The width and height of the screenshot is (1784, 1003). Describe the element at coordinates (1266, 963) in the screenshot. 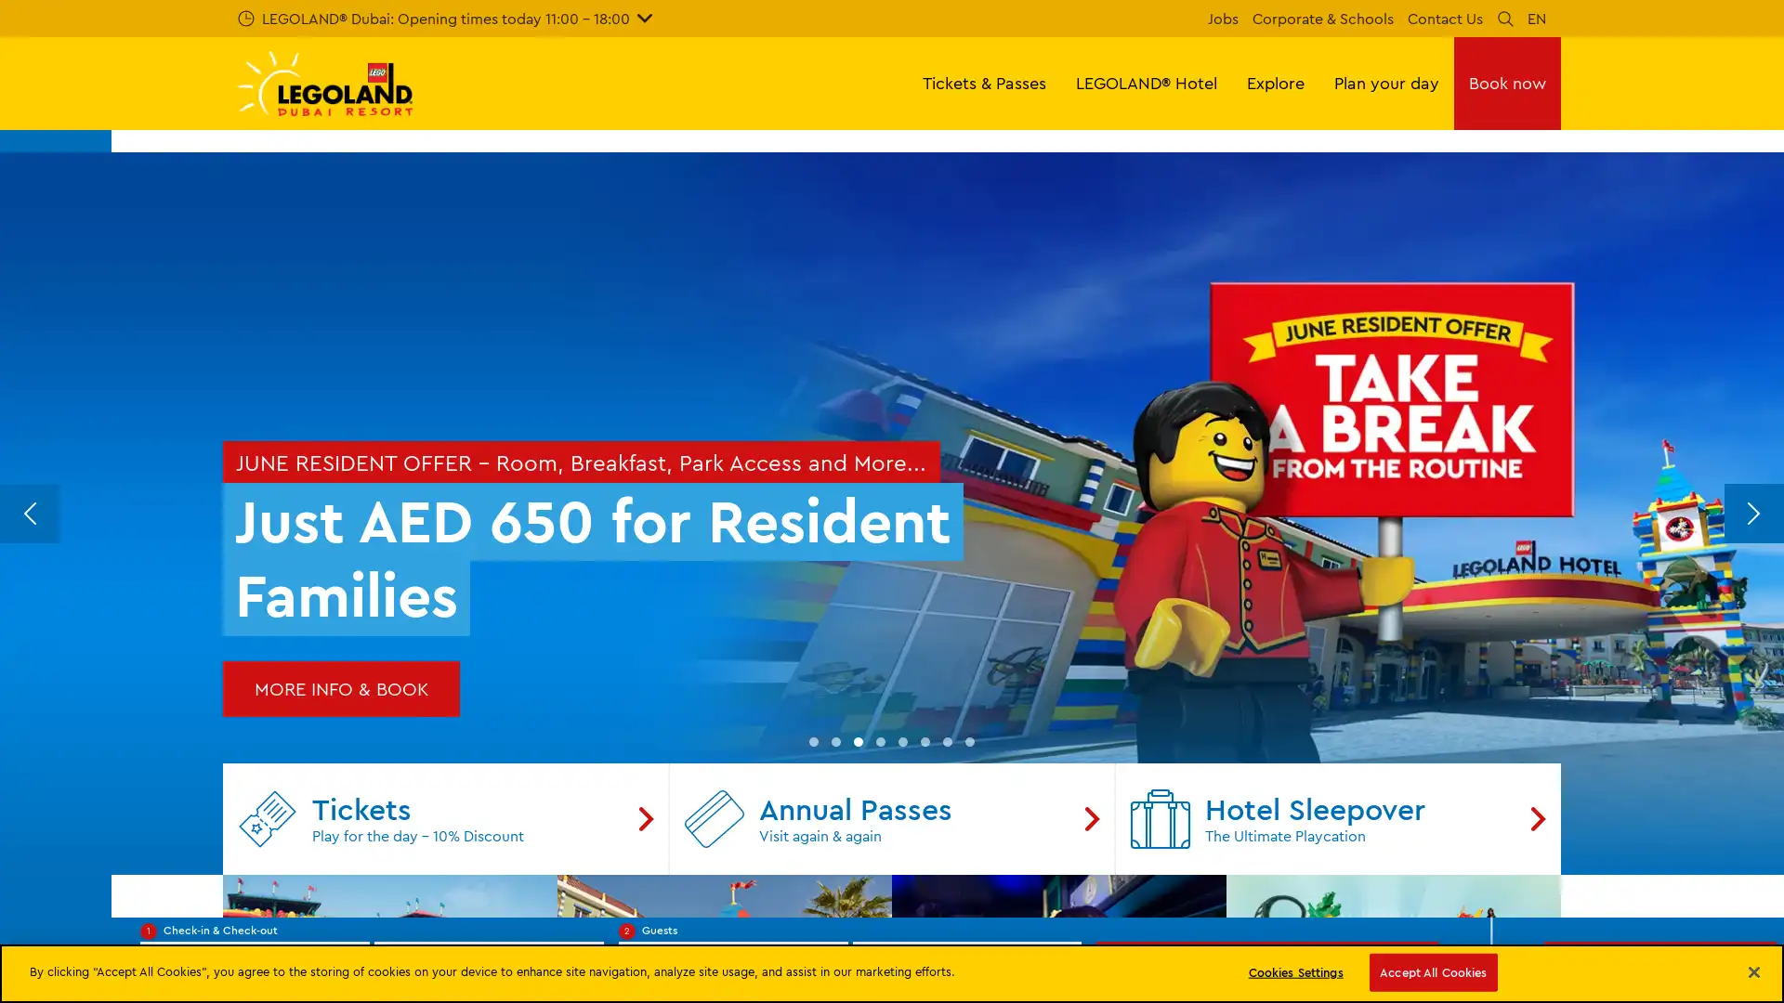

I see `Search` at that location.